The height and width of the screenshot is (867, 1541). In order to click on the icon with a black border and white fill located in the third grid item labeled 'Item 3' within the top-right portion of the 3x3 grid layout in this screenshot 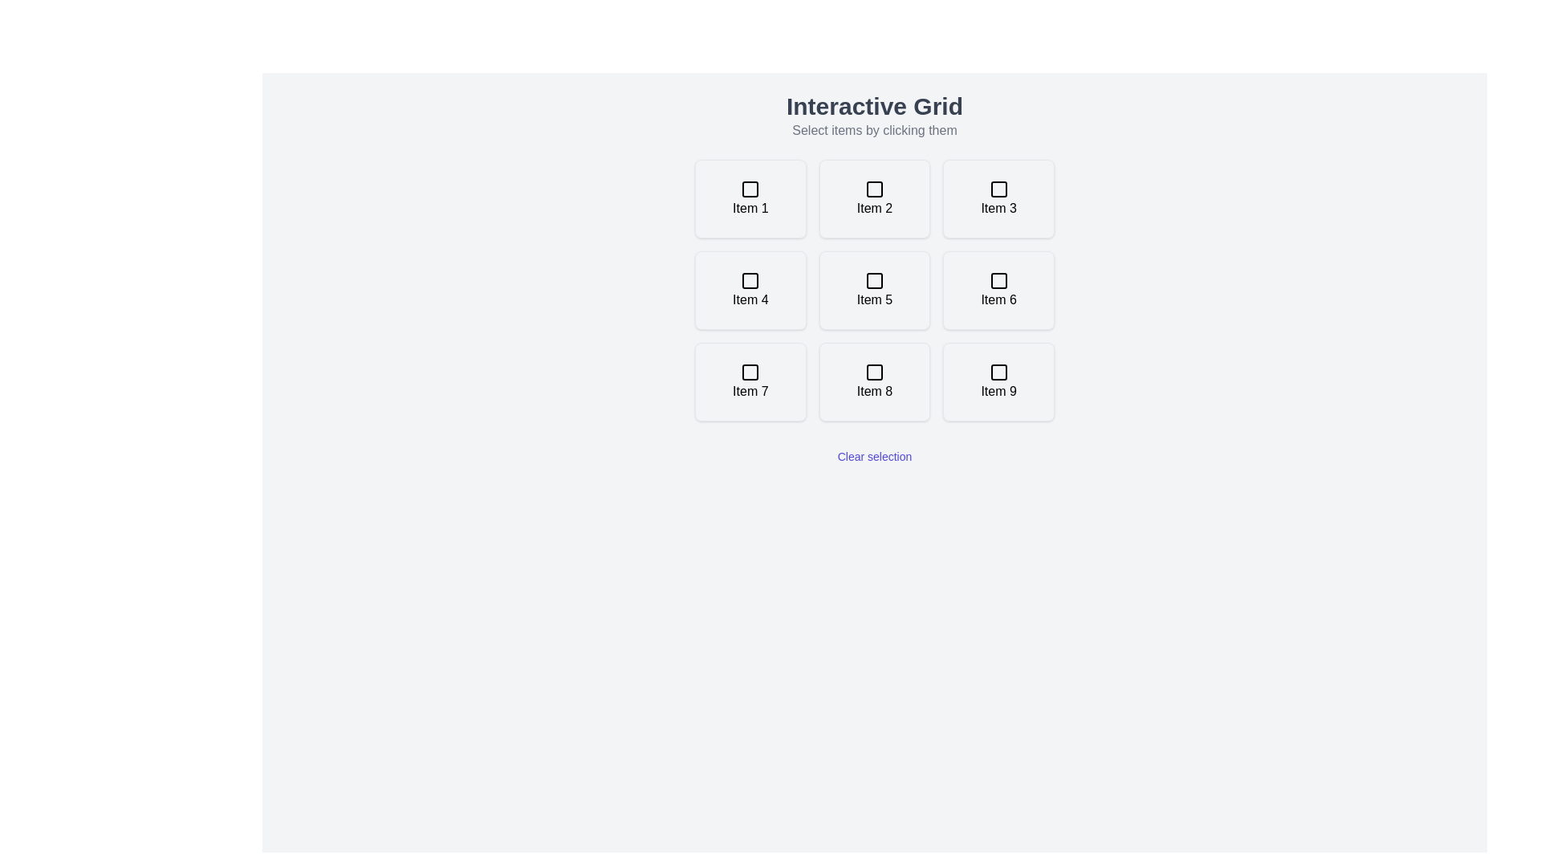, I will do `click(998, 188)`.